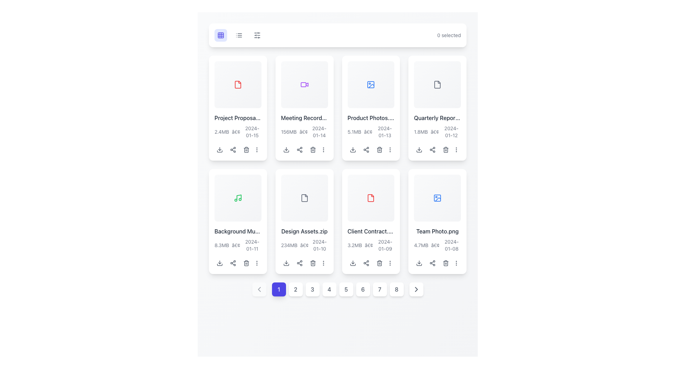 This screenshot has height=378, width=673. What do you see at coordinates (238, 198) in the screenshot?
I see `the green musical notes icon located in the second row, first column of the grid layout, which is part of the 'Background Music.mp3' file card` at bounding box center [238, 198].